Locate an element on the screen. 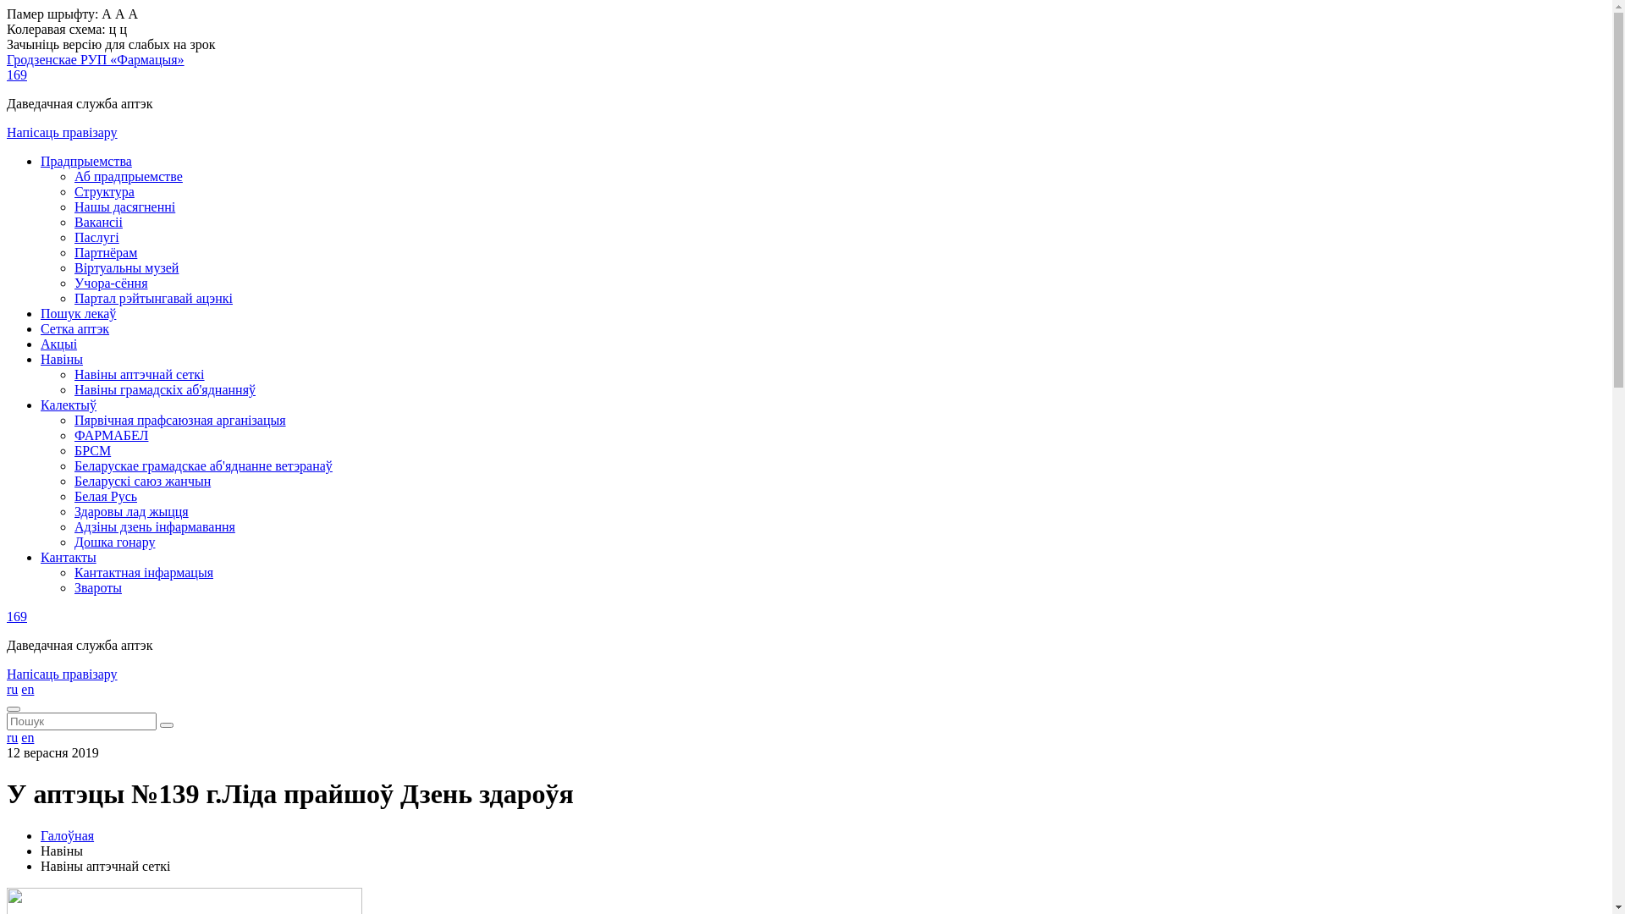  'ru' is located at coordinates (12, 736).